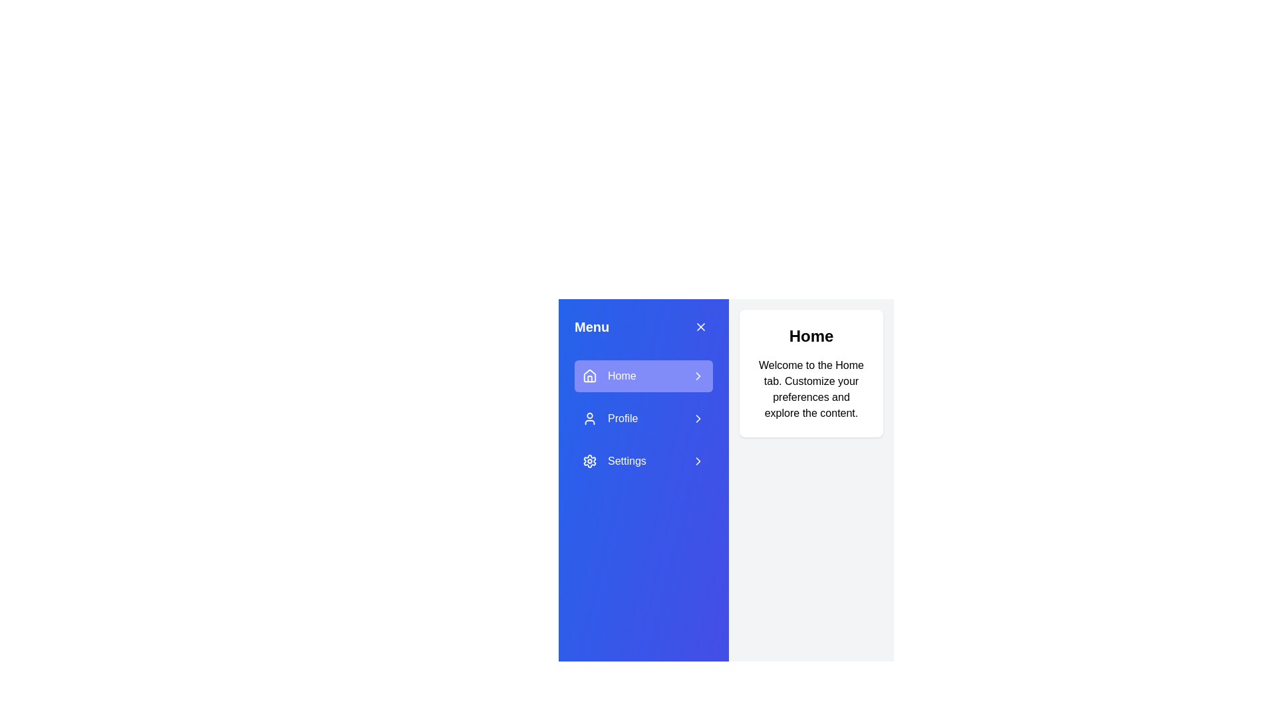  I want to click on the 'X' icon located in the top-right corner of the blue sidebar section, adjacent, so click(700, 327).